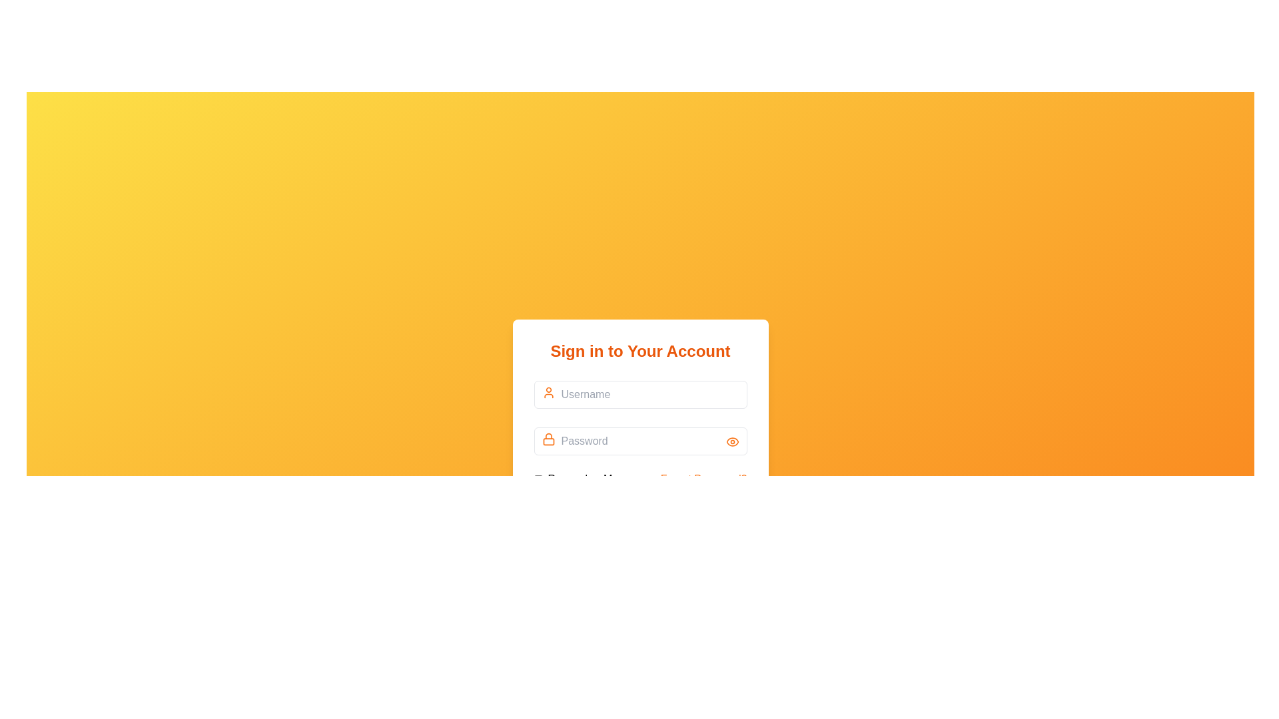  What do you see at coordinates (548, 439) in the screenshot?
I see `the lock icon located at the top left corner inside the password input field, which indicates a secure password field` at bounding box center [548, 439].